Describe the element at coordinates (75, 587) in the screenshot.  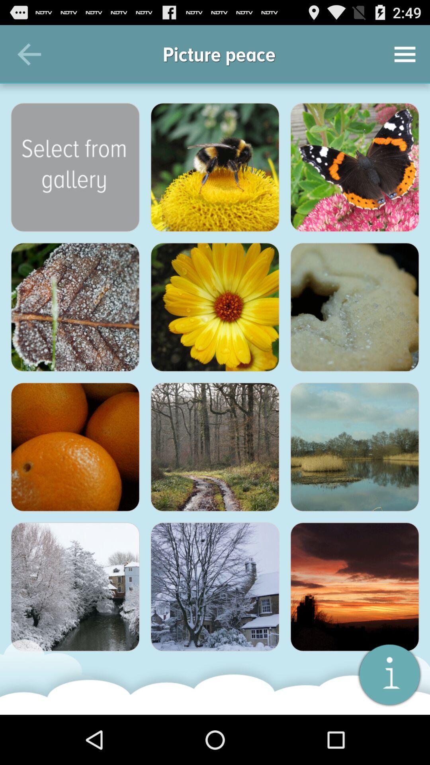
I see `picture` at that location.